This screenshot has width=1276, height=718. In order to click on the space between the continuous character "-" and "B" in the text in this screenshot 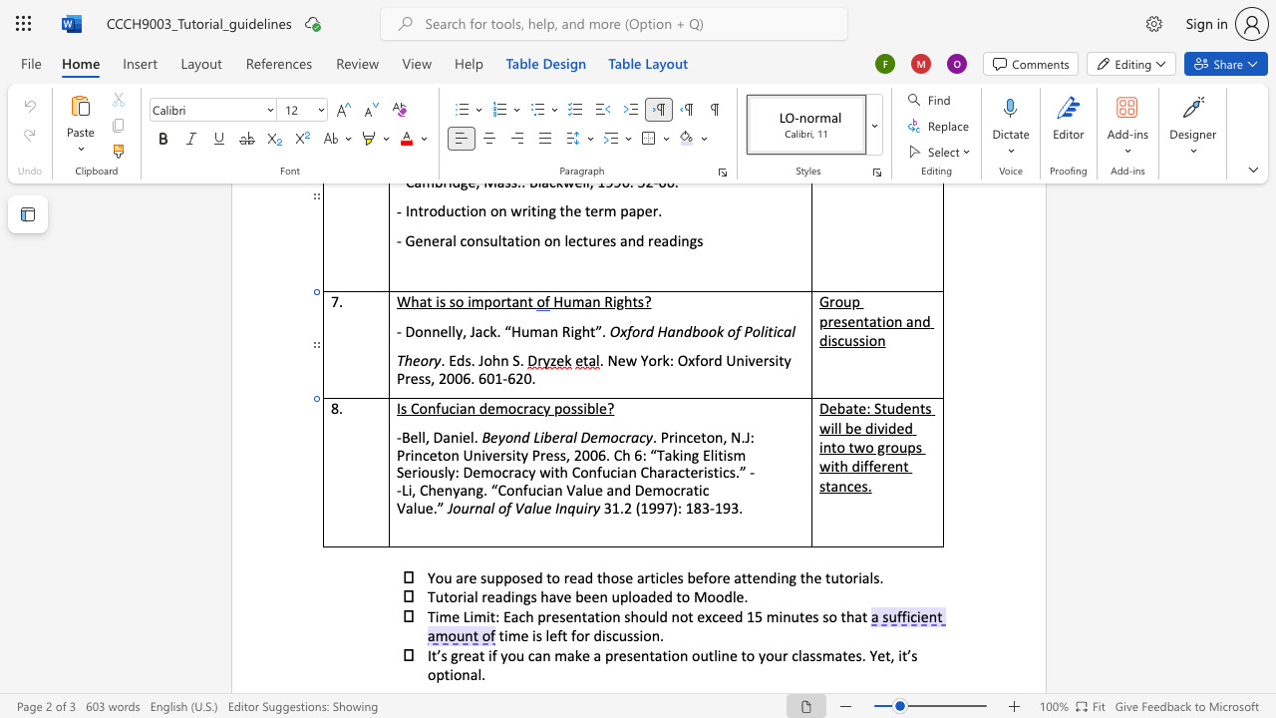, I will do `click(401, 436)`.